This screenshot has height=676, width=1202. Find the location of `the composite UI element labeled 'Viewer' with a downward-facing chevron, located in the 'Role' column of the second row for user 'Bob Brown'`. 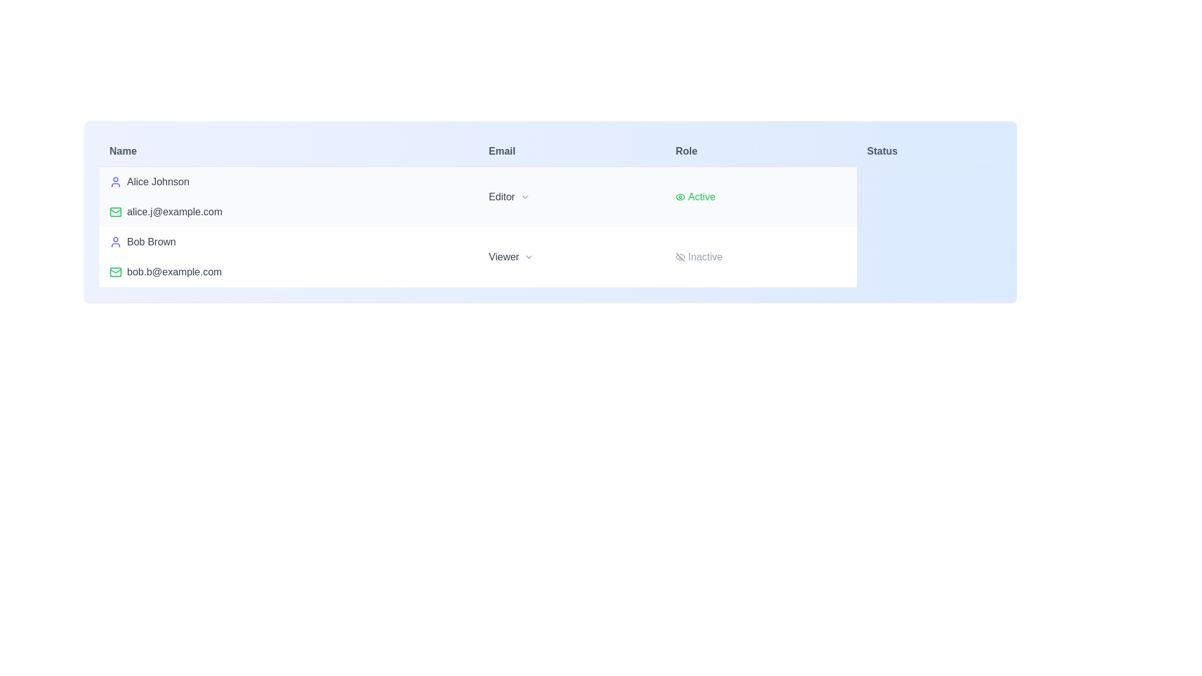

the composite UI element labeled 'Viewer' with a downward-facing chevron, located in the 'Role' column of the second row for user 'Bob Brown' is located at coordinates (572, 257).